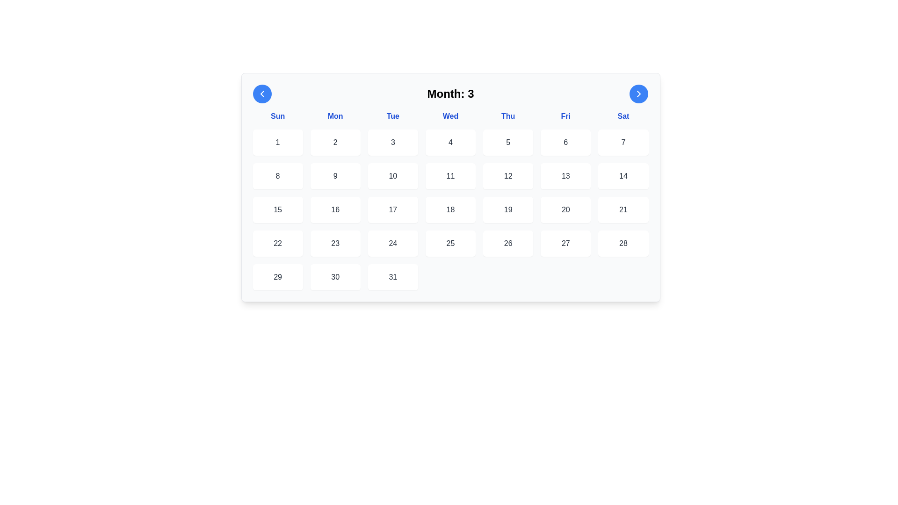 The width and height of the screenshot is (898, 505). What do you see at coordinates (638, 94) in the screenshot?
I see `the forward navigation icon located in the top-right corner of the calendar interface` at bounding box center [638, 94].